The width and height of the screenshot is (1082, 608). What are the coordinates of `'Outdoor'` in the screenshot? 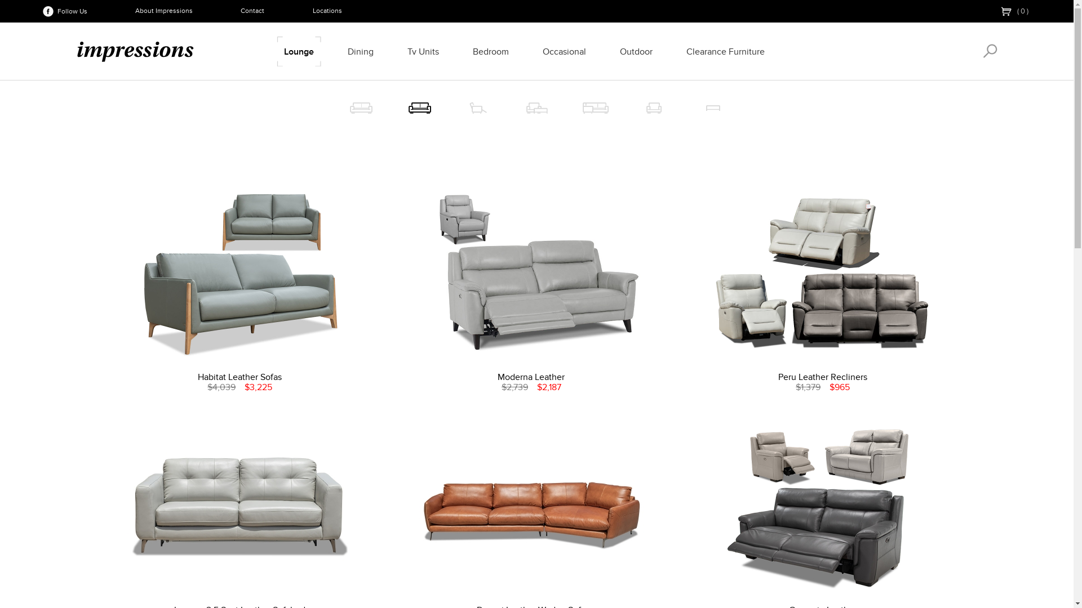 It's located at (636, 51).